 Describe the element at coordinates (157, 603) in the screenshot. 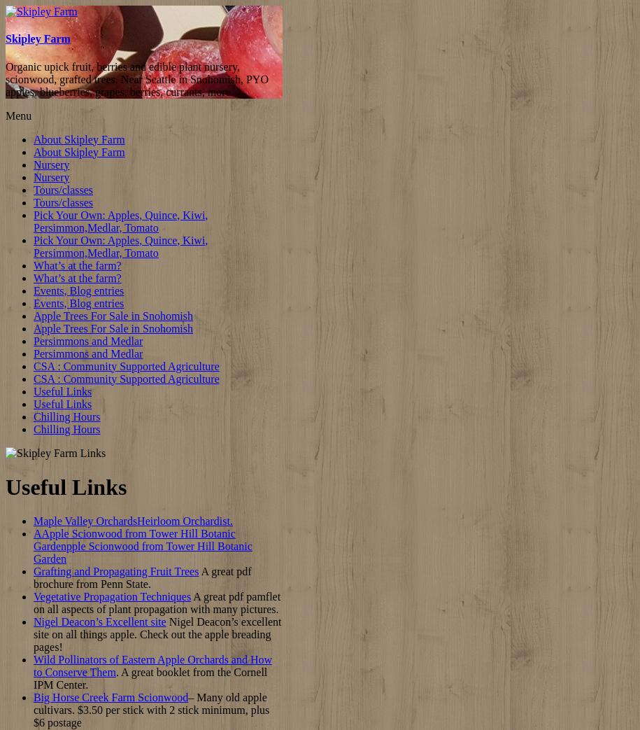

I see `'A great pdf pamflet on all aspects of plant propagation with many pictures.'` at that location.